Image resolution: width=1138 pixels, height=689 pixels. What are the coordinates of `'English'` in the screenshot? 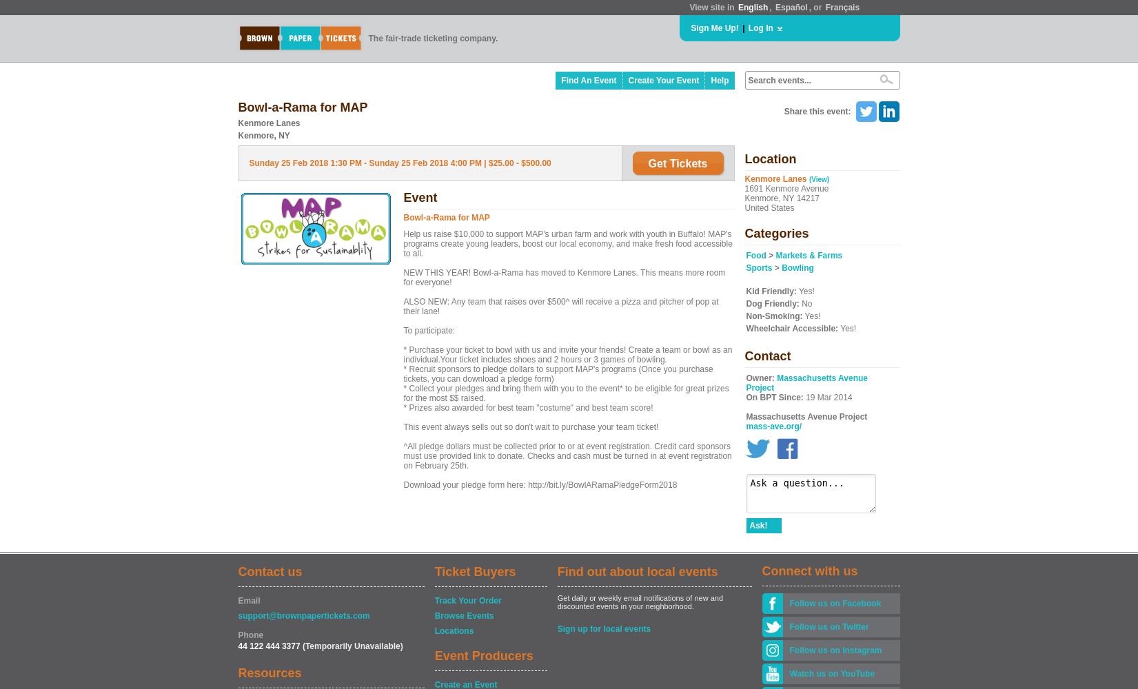 It's located at (751, 8).